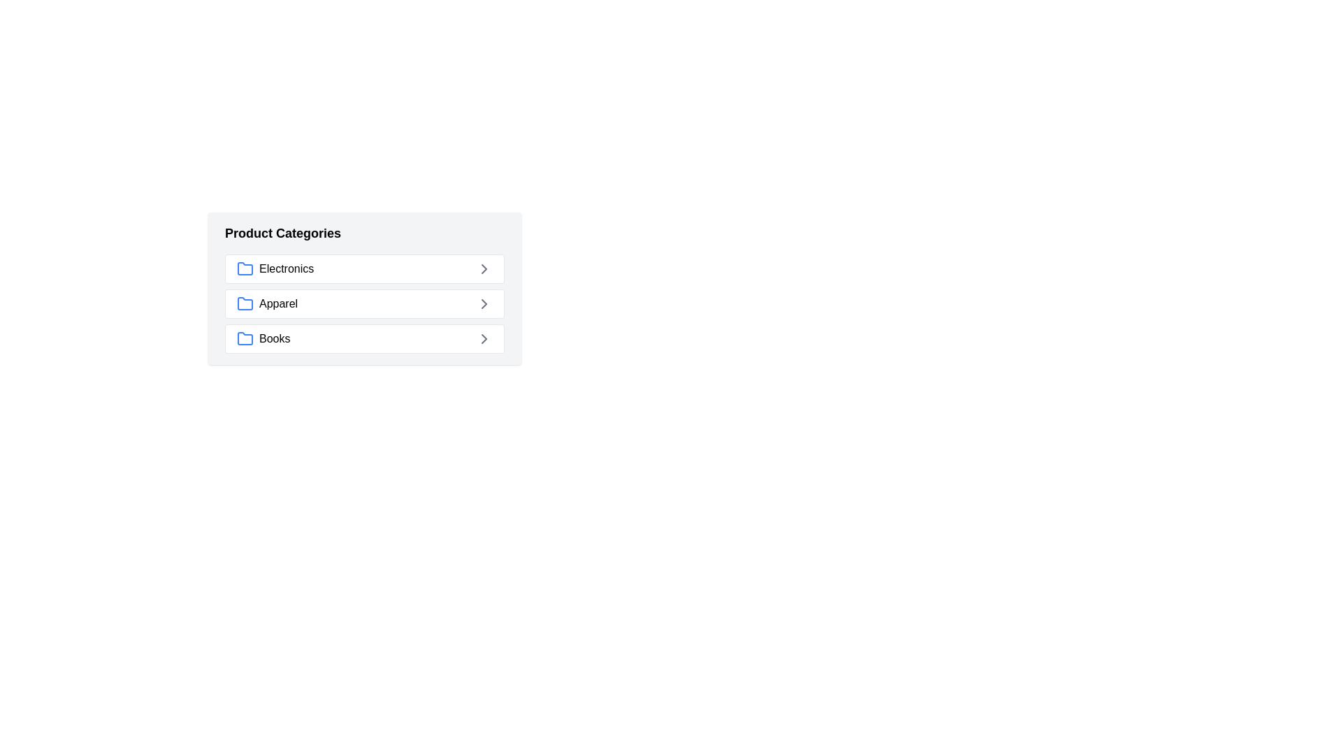  I want to click on the rightward chevron icon, which is styled in gray and located on the rightmost side of the 'Books' row under 'Product Categories', to trigger the tooltip, so click(484, 339).